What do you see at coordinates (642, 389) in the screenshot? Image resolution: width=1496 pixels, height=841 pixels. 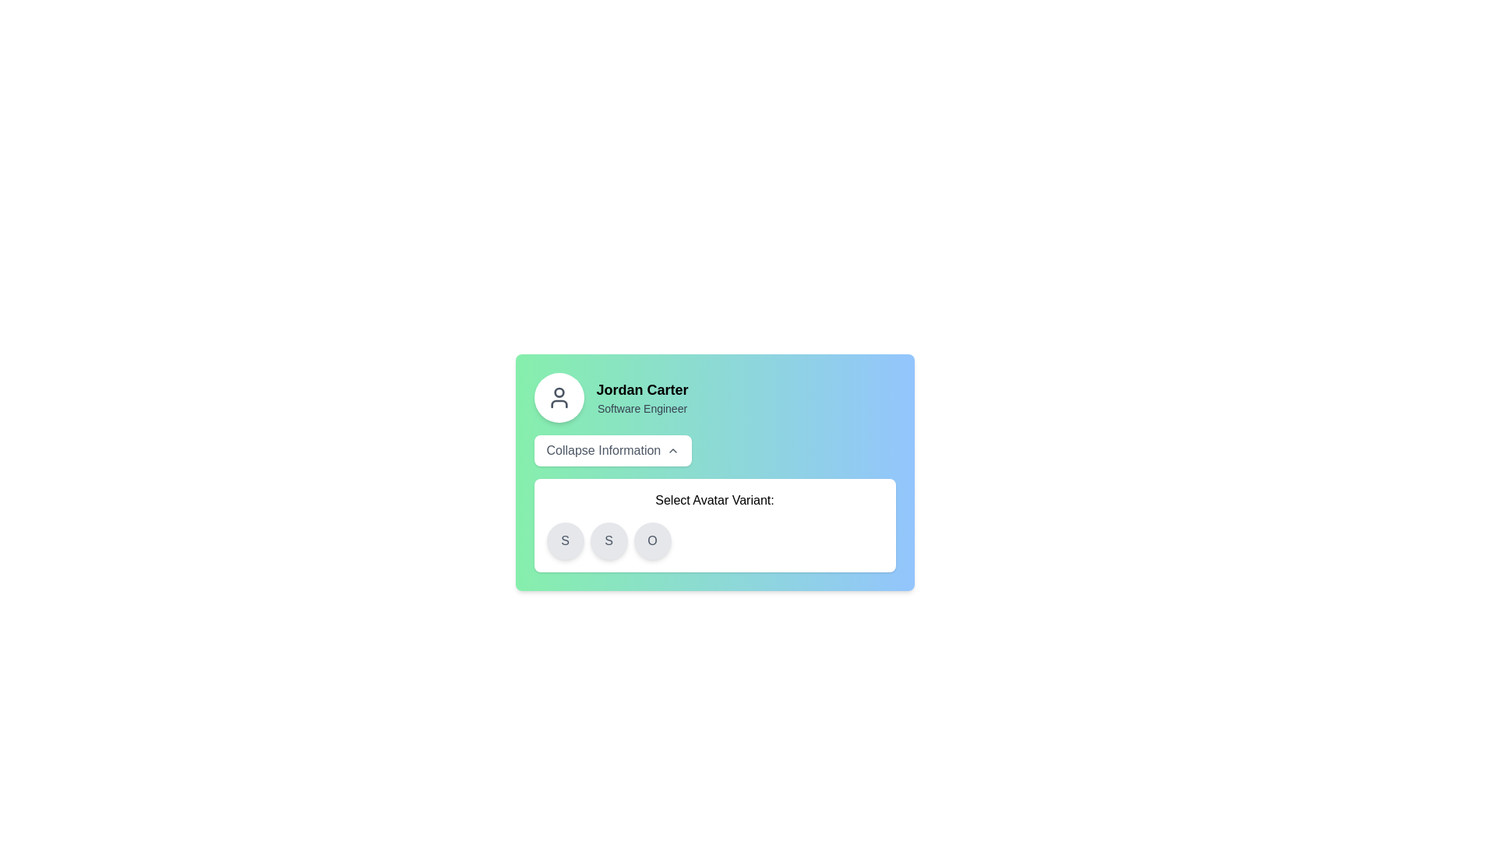 I see `the text label displaying the name 'Jordan Carter', which is centrally positioned above the text 'Software Engineer' in the profile section` at bounding box center [642, 389].